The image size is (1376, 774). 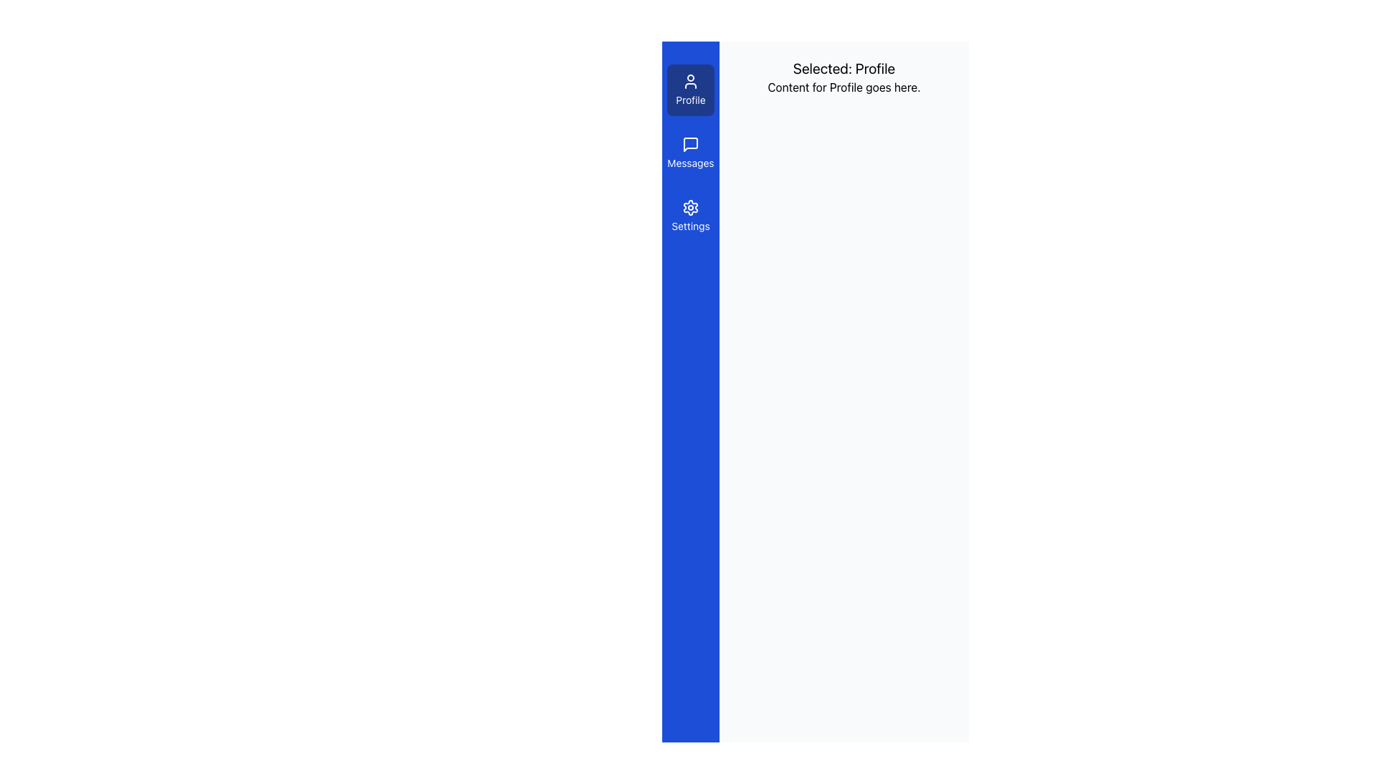 I want to click on the 'Messages' button, which is a rectangular button in the vertical blue sidebar featuring a speech bubble icon above the text 'Messages', so click(x=691, y=153).